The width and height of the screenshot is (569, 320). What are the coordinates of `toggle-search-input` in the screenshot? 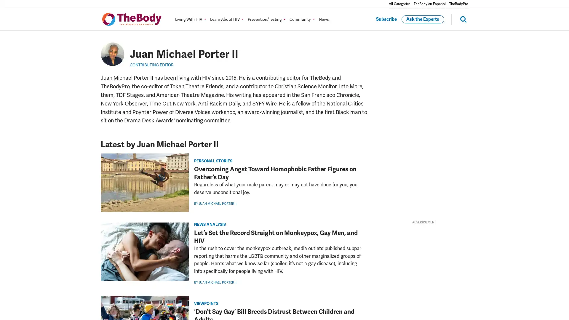 It's located at (459, 19).